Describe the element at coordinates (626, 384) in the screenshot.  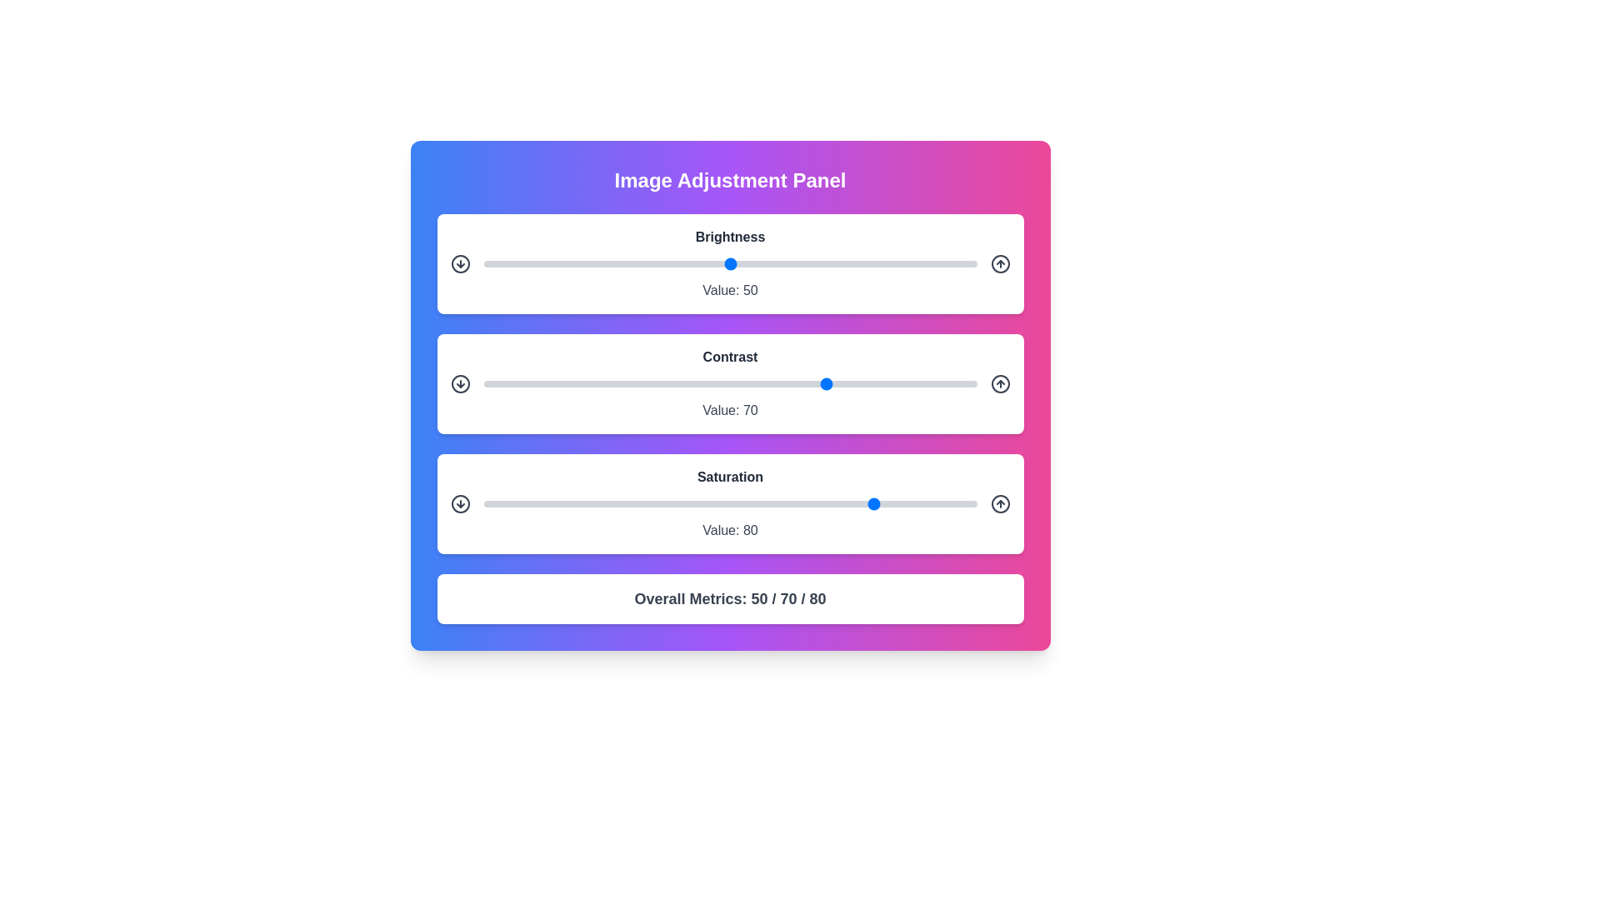
I see `contrast` at that location.